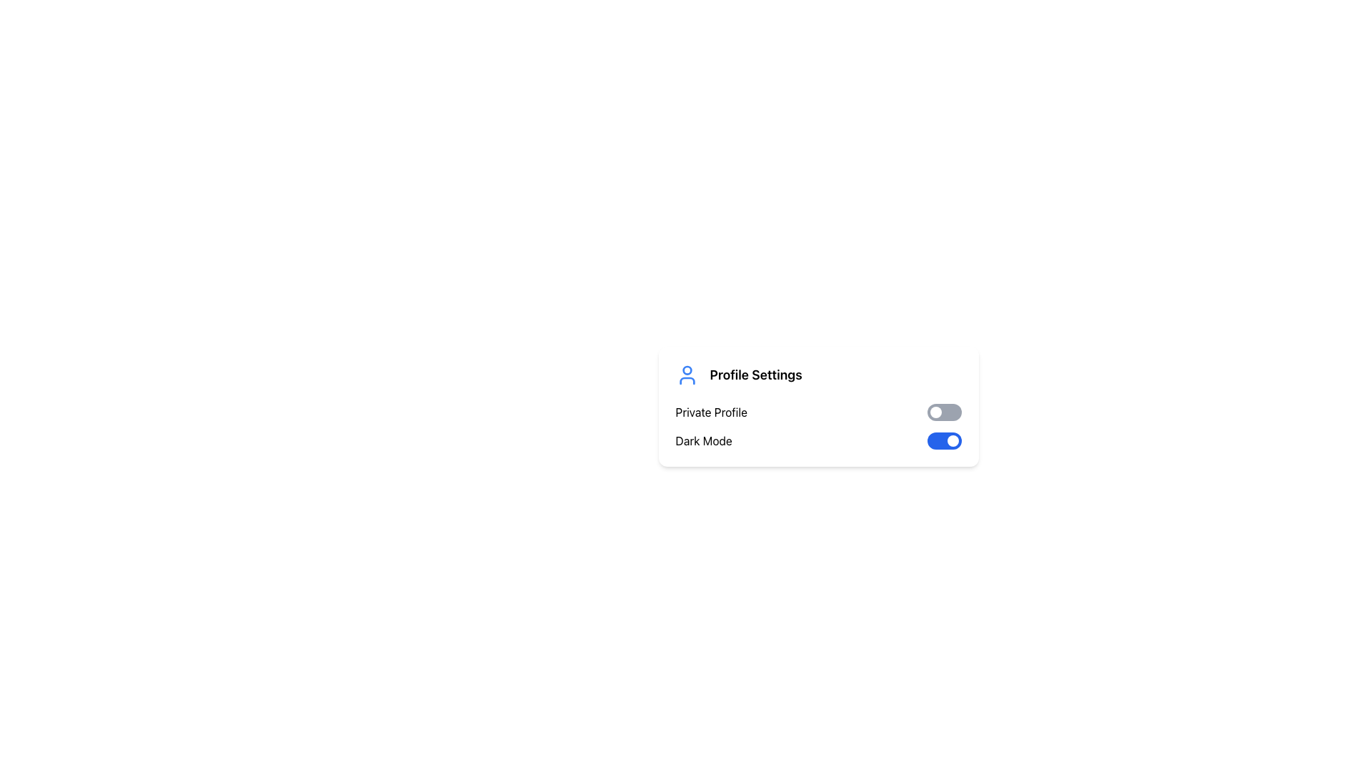 The height and width of the screenshot is (772, 1372). What do you see at coordinates (711, 412) in the screenshot?
I see `the Text Label indicating the private profile option in the Profile Settings interface, which is located to the left of the toggle switch` at bounding box center [711, 412].